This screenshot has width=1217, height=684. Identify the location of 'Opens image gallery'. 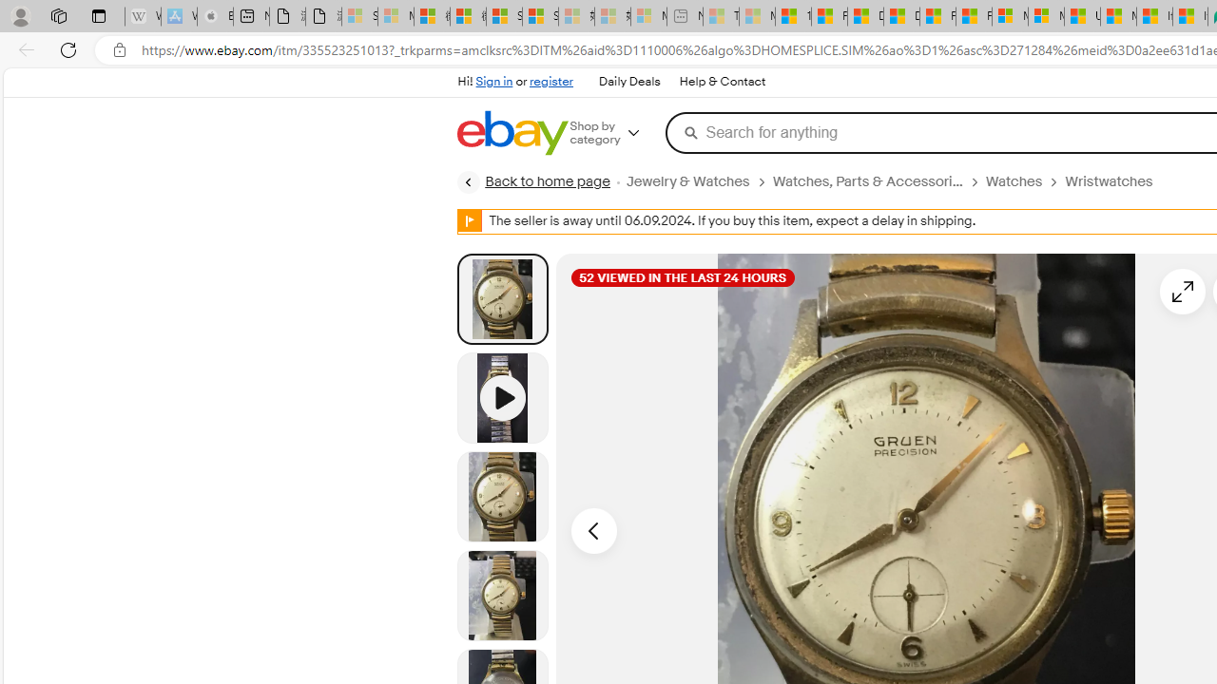
(1182, 291).